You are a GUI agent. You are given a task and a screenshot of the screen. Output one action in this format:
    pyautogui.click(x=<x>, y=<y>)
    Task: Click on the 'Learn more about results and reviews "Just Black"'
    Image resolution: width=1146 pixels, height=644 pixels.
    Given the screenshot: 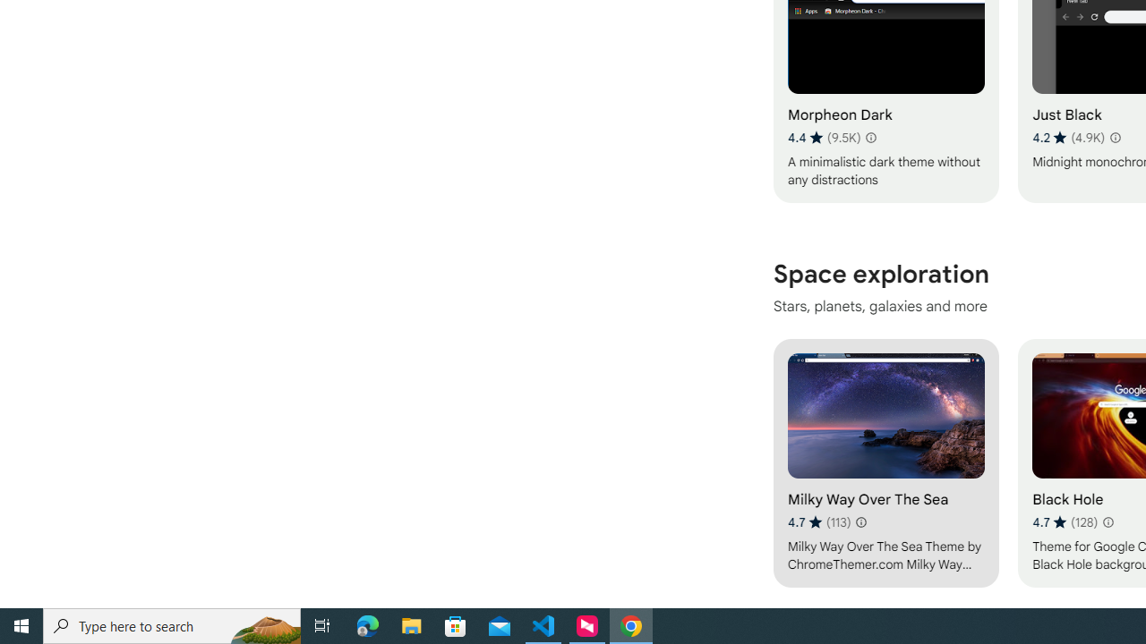 What is the action you would take?
    pyautogui.click(x=1113, y=137)
    